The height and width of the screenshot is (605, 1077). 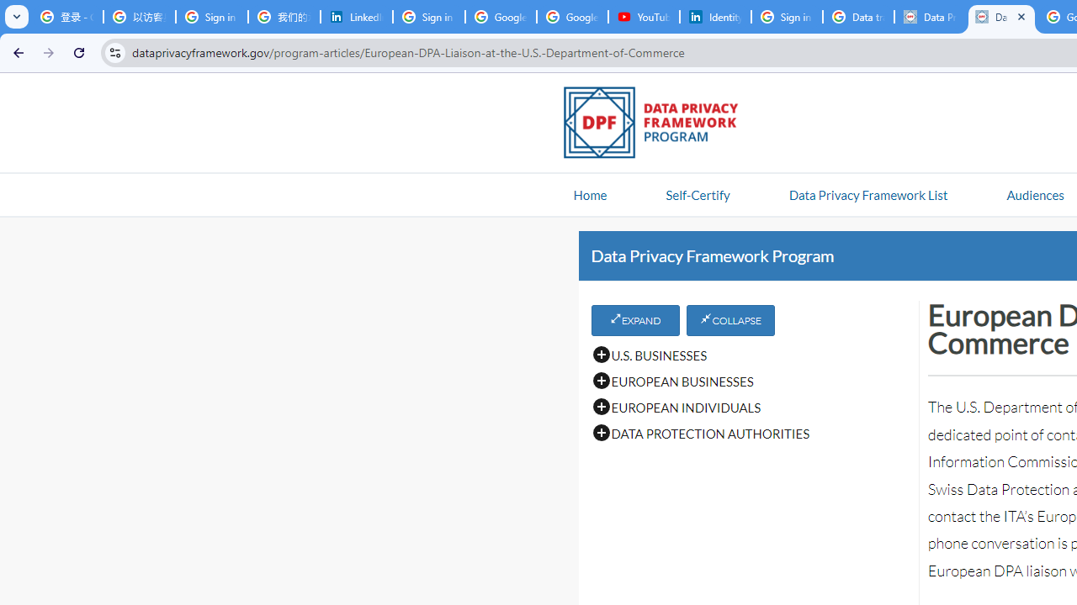 I want to click on 'LinkedIn Privacy Policy', so click(x=356, y=17).